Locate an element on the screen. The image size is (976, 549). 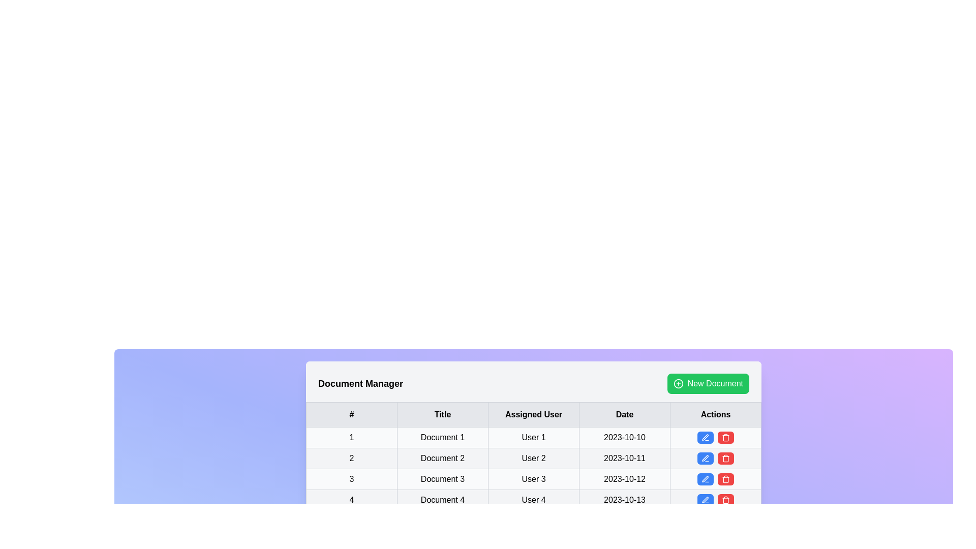
the static text label 'Date' located in the table header, which is styled with a bold font and a light gray background is located at coordinates (624, 415).